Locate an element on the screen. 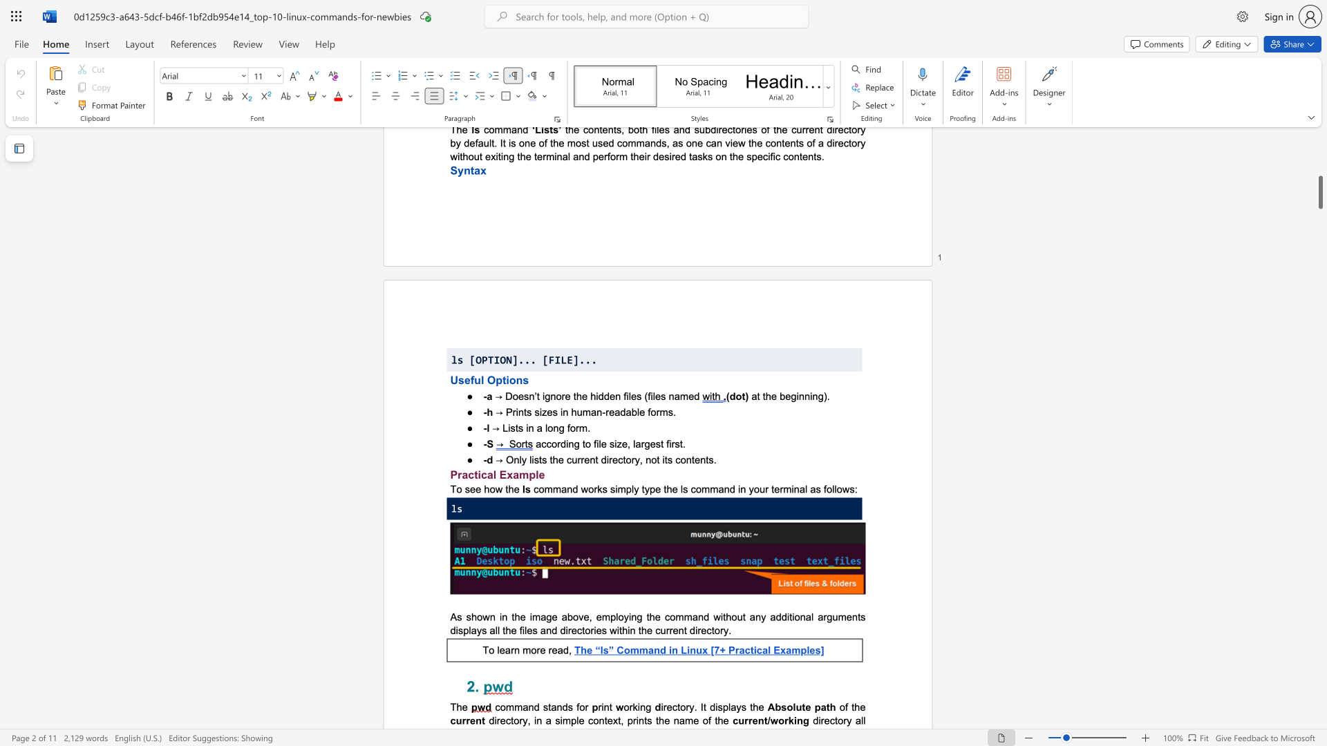 The image size is (1327, 746). the 1th character "i" in the text is located at coordinates (788, 616).